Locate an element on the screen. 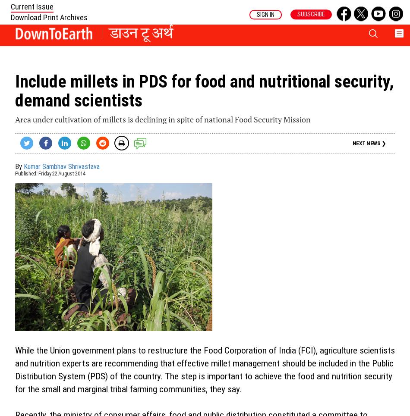 This screenshot has height=416, width=410. 'By' is located at coordinates (15, 166).